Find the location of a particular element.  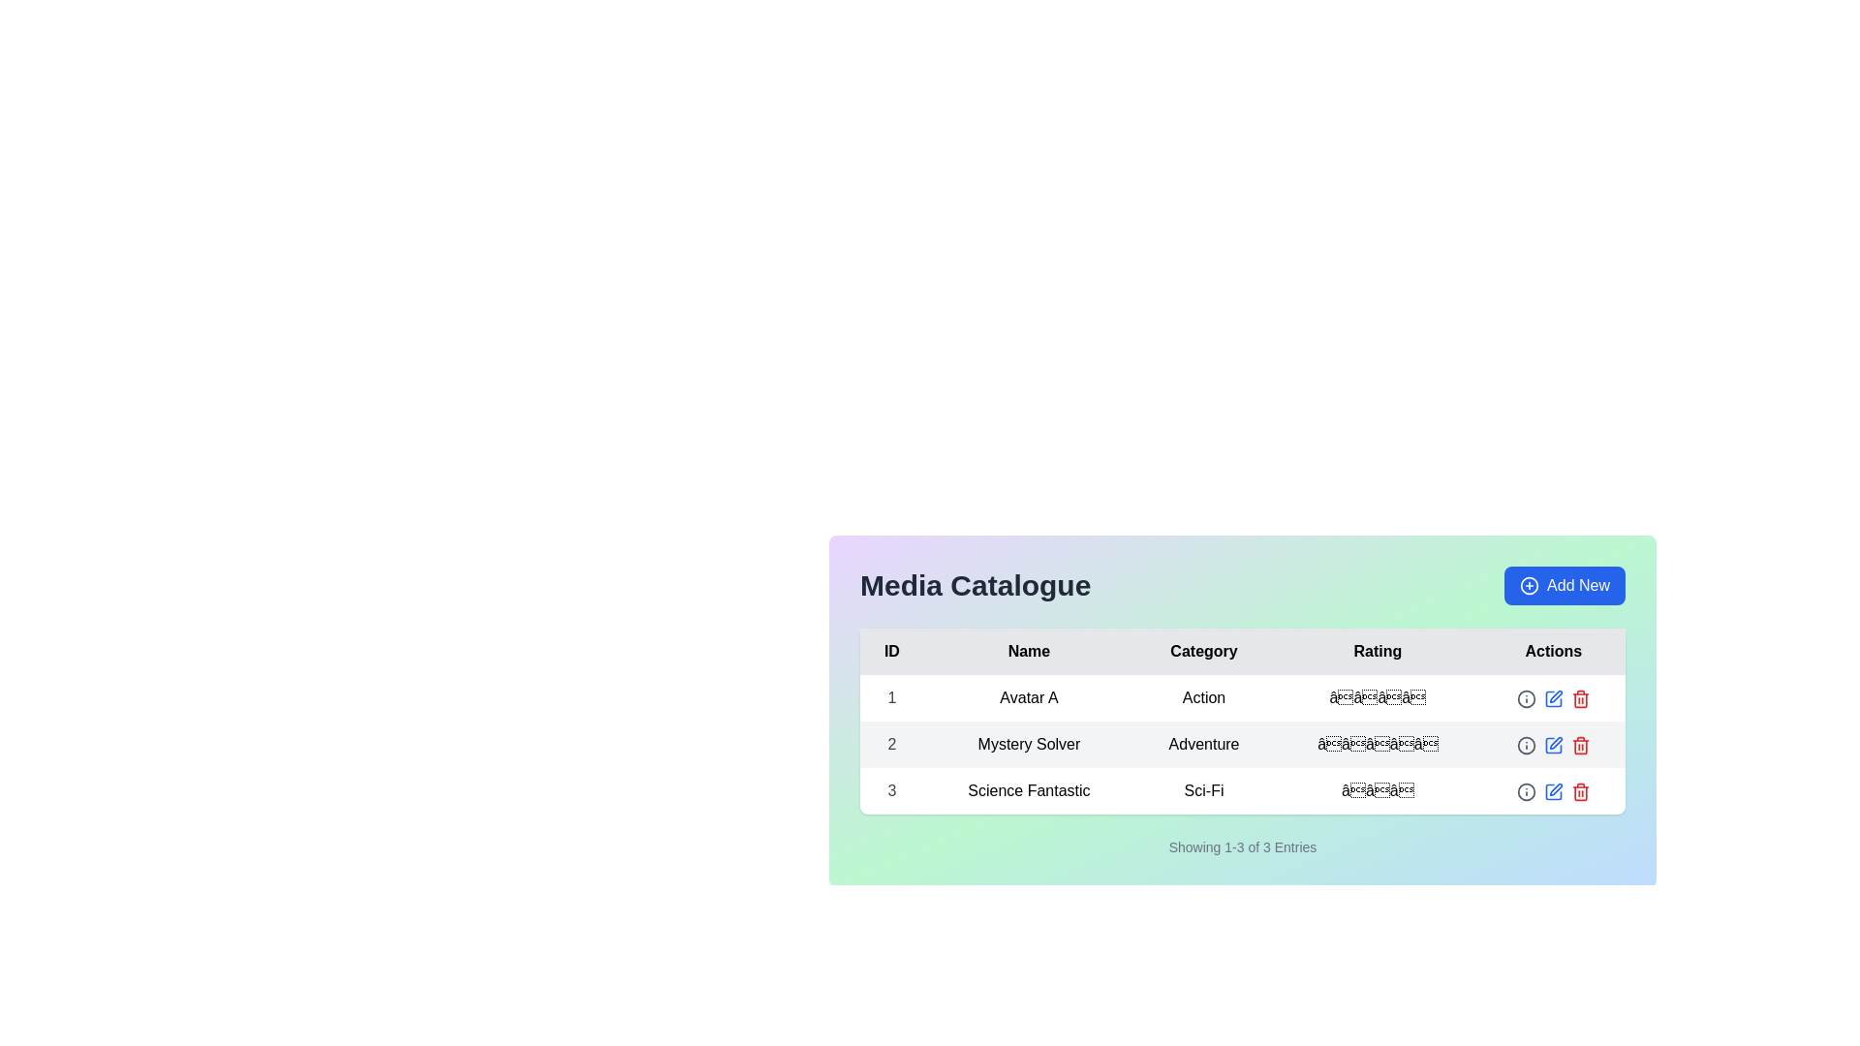

the delete icon button located in the 'Actions' column of the second row in the table is located at coordinates (1580, 744).